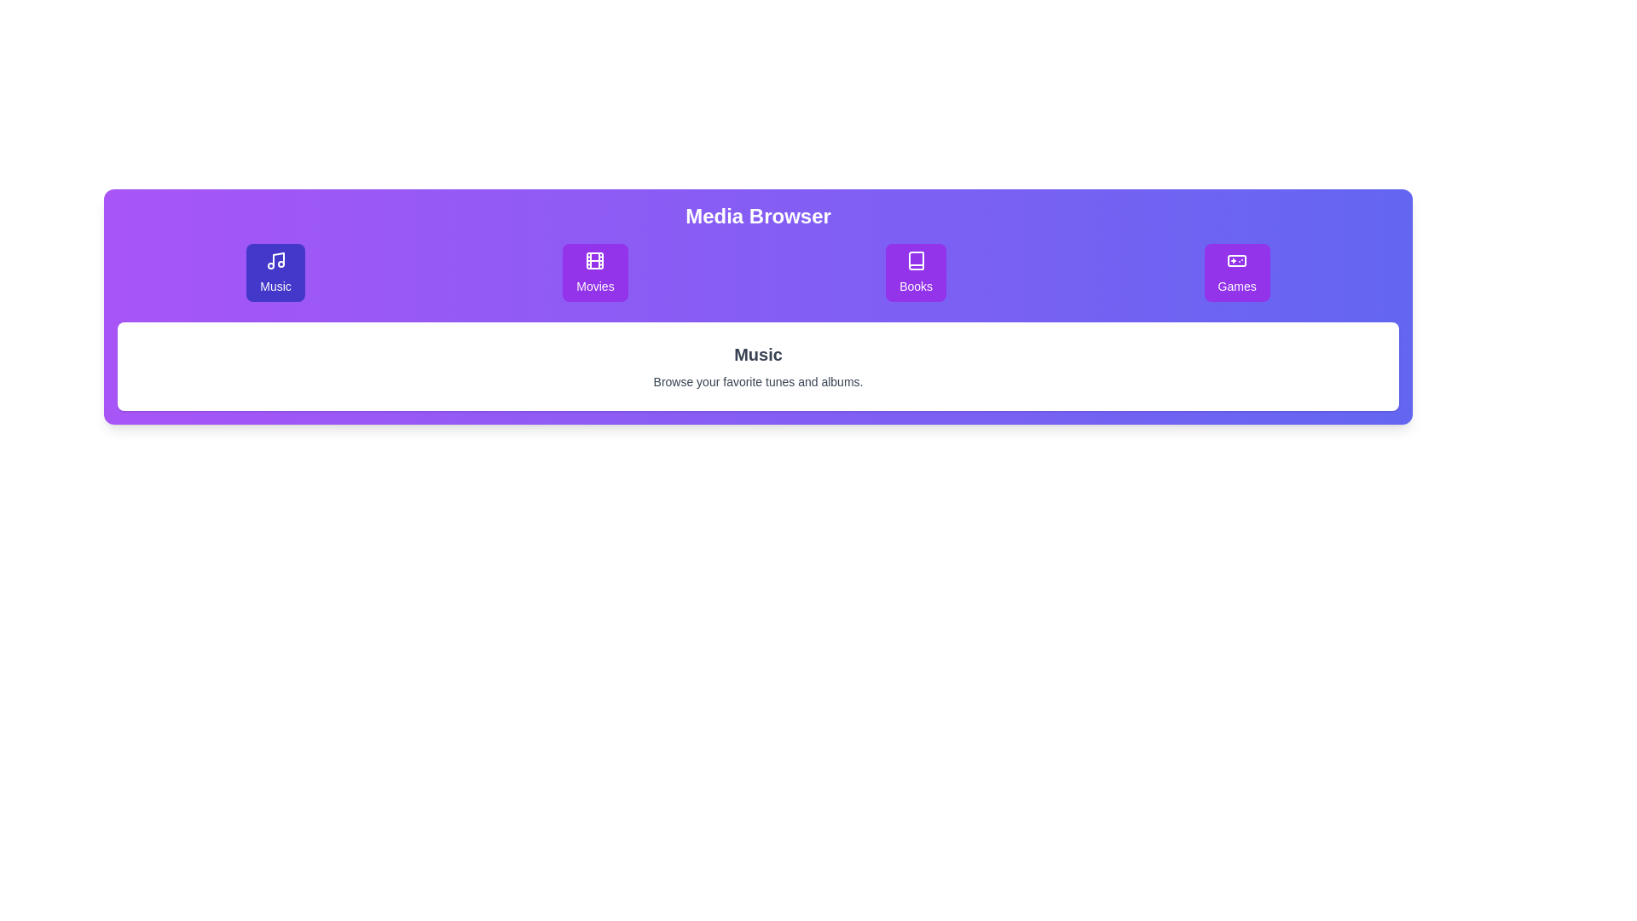  I want to click on descriptive label indicating the purpose of the music button located below its icon in the top section of the layout, so click(275, 285).